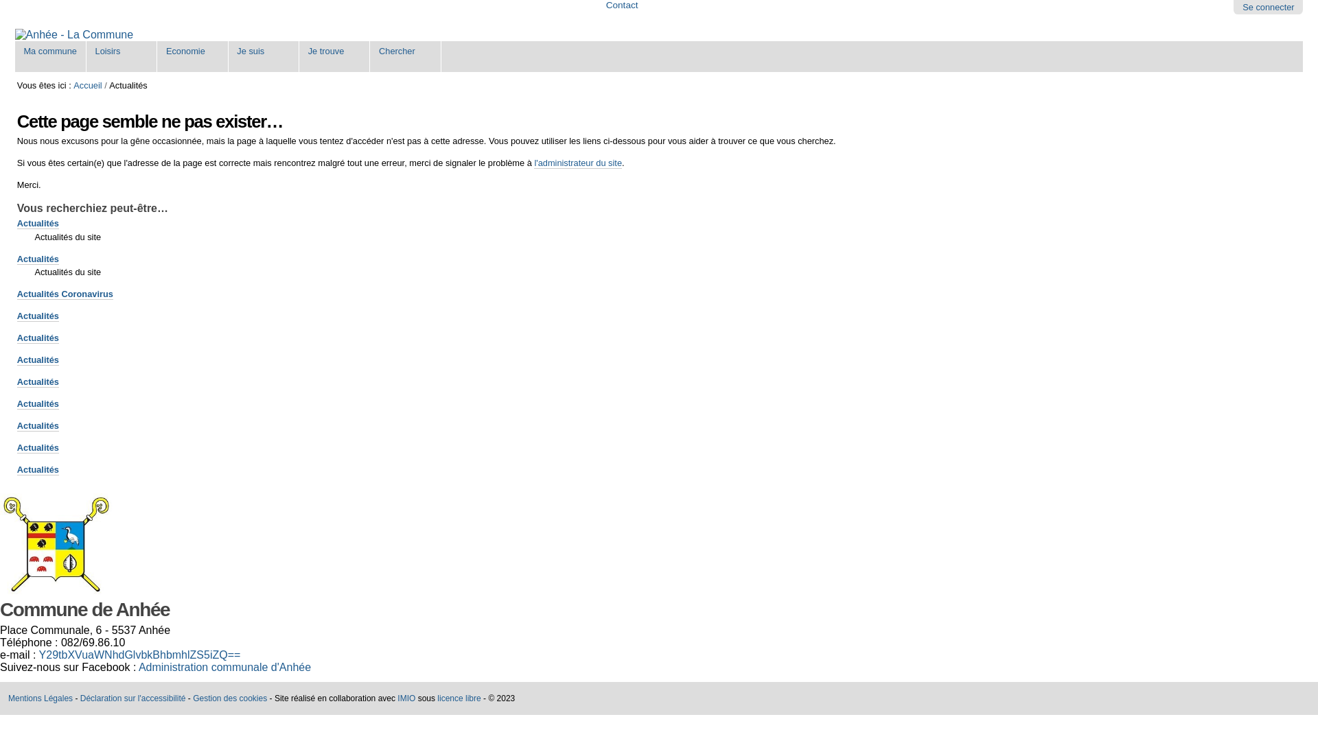  I want to click on 'Je suis', so click(264, 55).